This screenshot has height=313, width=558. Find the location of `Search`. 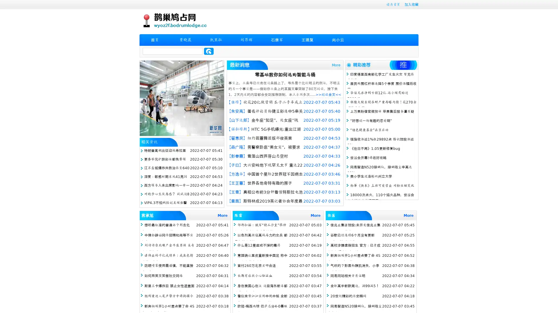

Search is located at coordinates (209, 51).